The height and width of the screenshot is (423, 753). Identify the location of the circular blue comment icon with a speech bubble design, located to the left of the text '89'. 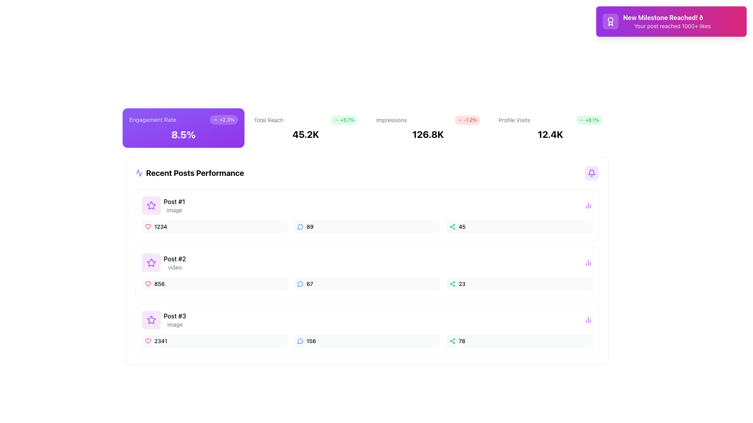
(300, 226).